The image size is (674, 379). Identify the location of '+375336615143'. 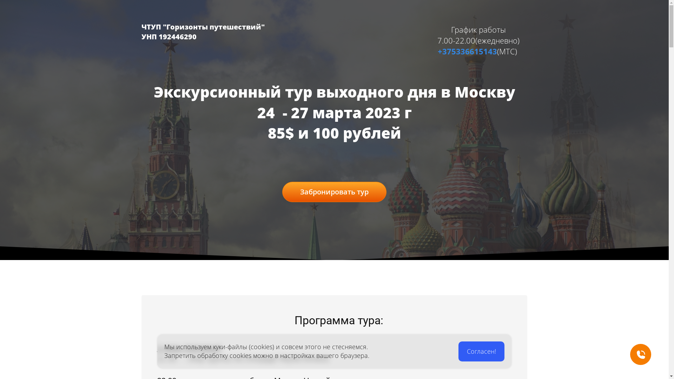
(467, 51).